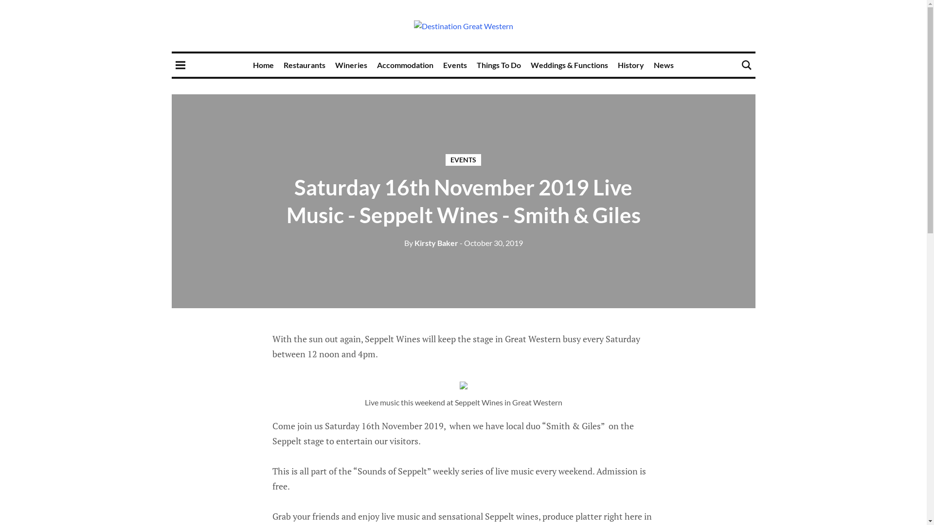  What do you see at coordinates (663, 65) in the screenshot?
I see `'News'` at bounding box center [663, 65].